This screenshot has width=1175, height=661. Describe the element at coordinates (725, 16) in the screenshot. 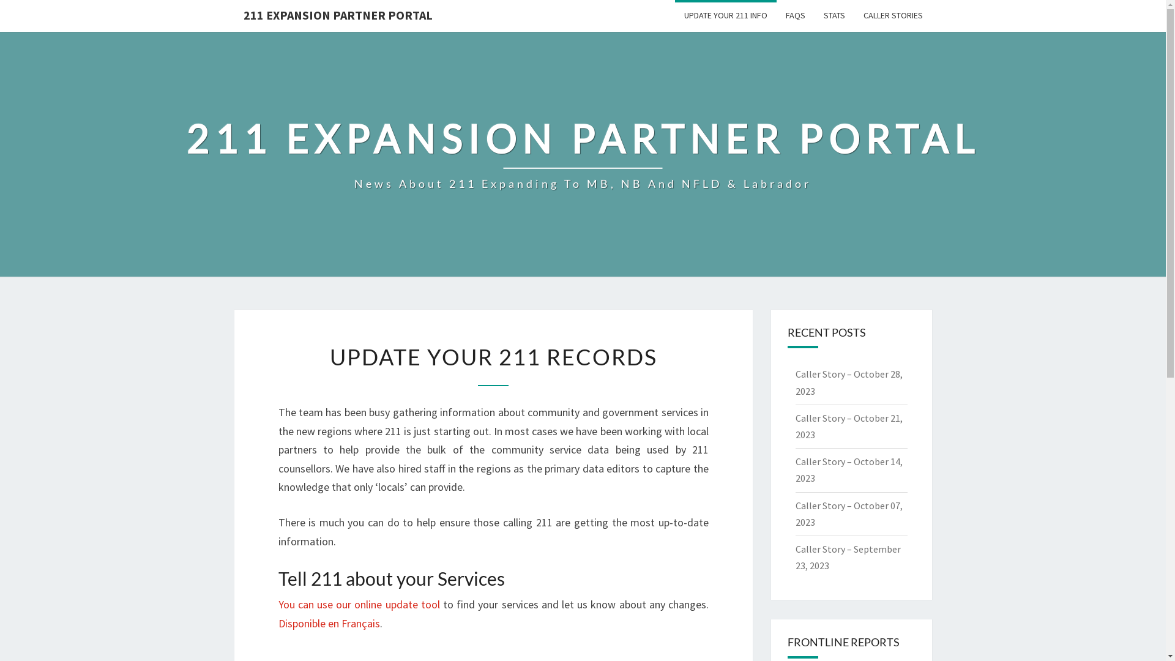

I see `'UPDATE YOUR 211 INFO'` at that location.